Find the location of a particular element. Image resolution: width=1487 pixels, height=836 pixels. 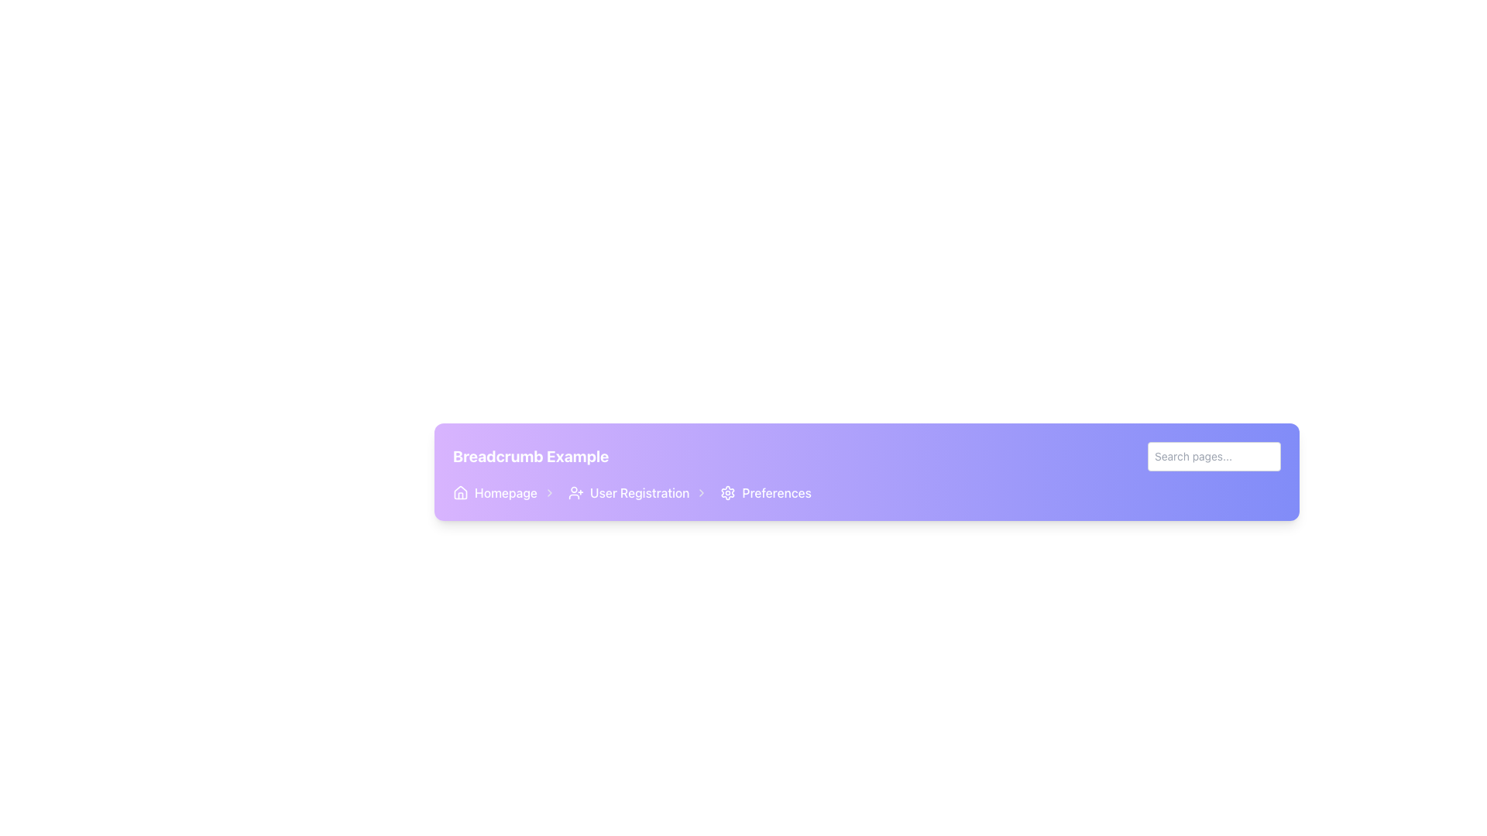

the 'User Registration' interactive text link in the breadcrumb navigation bar is located at coordinates (640, 492).